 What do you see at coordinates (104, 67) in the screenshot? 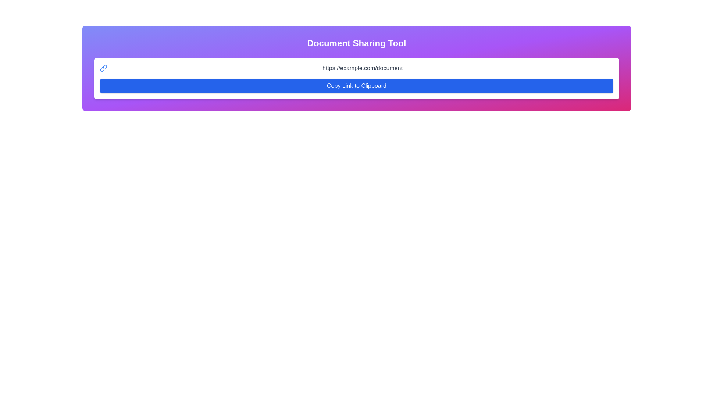
I see `the graphical representation of the chain link icon component located in the upper-left portion of the icon, situated to the left of the 'Copy Link to Clipboard' button` at bounding box center [104, 67].